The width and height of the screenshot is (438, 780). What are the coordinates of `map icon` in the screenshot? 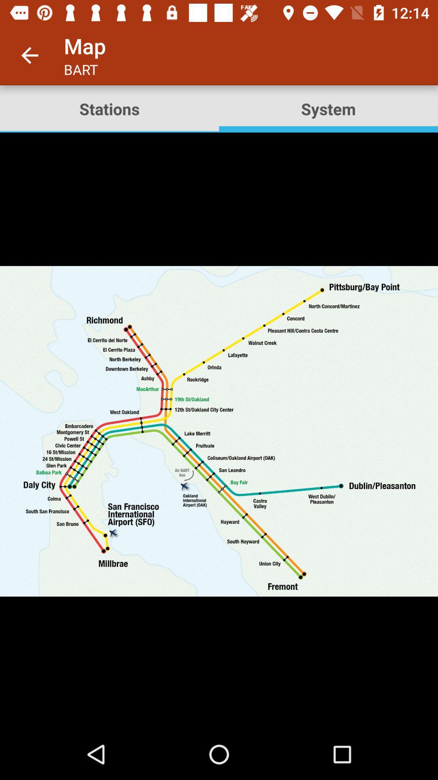 It's located at (219, 430).